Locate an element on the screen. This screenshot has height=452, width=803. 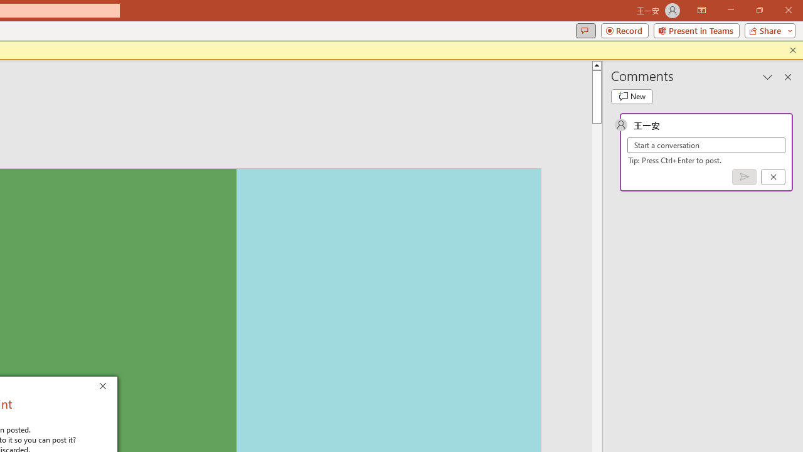
'New comment' is located at coordinates (632, 96).